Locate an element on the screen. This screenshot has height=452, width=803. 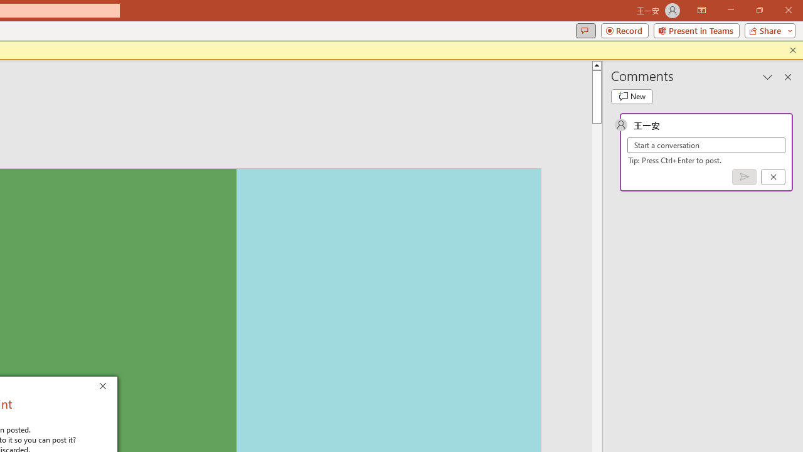
'New comment' is located at coordinates (632, 96).